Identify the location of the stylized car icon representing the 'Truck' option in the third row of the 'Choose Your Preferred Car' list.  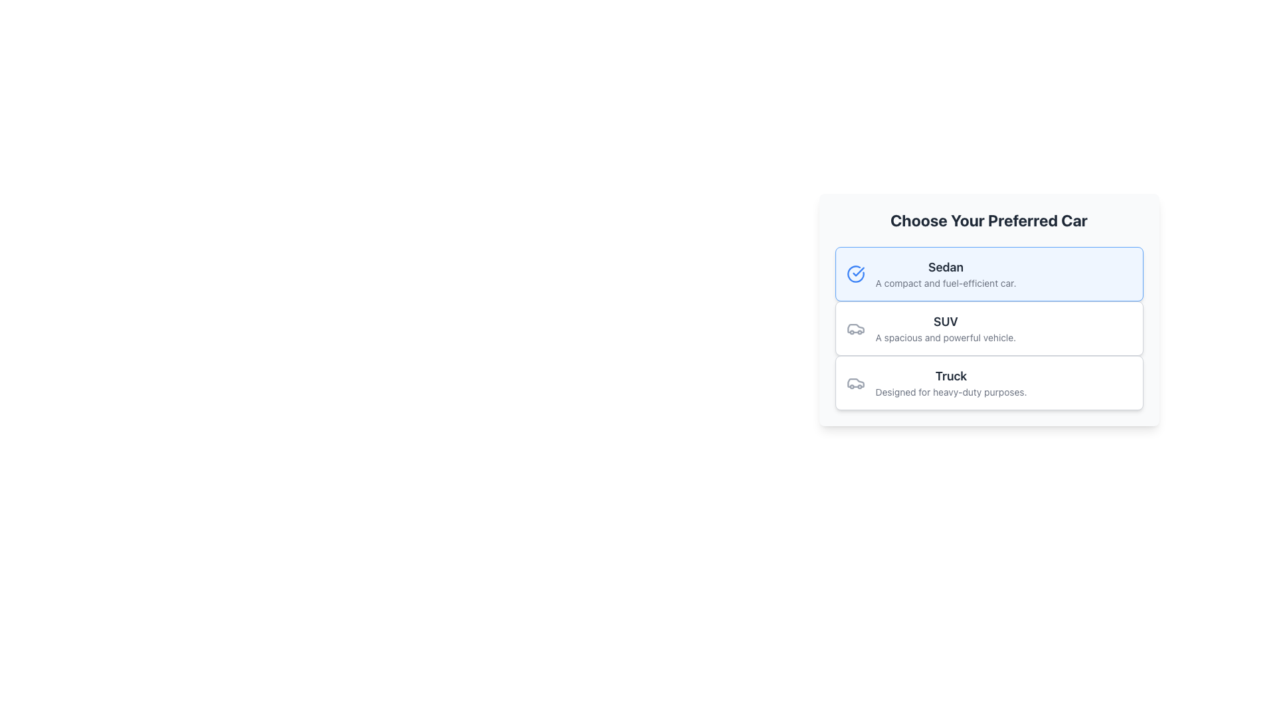
(855, 383).